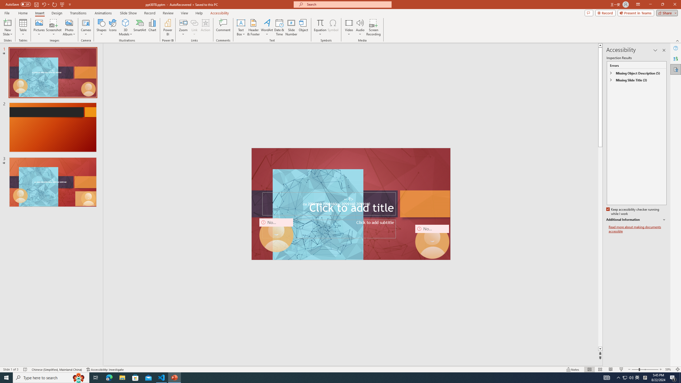 The image size is (681, 383). What do you see at coordinates (194, 27) in the screenshot?
I see `'Link'` at bounding box center [194, 27].